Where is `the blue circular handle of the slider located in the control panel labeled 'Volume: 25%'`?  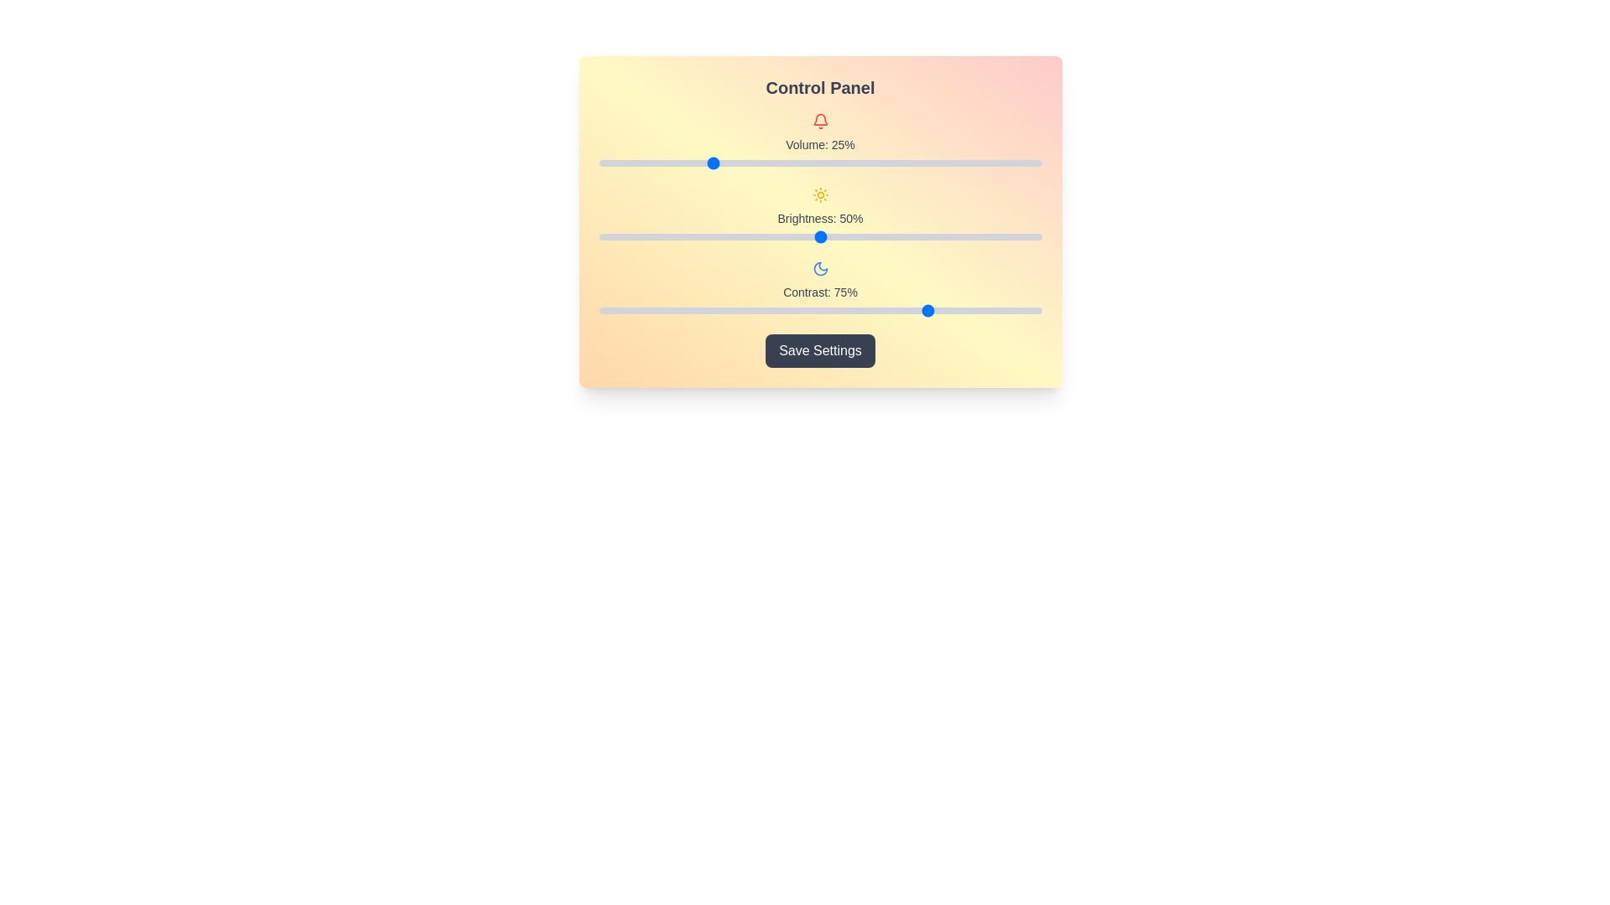
the blue circular handle of the slider located in the control panel labeled 'Volume: 25%' is located at coordinates (820, 163).